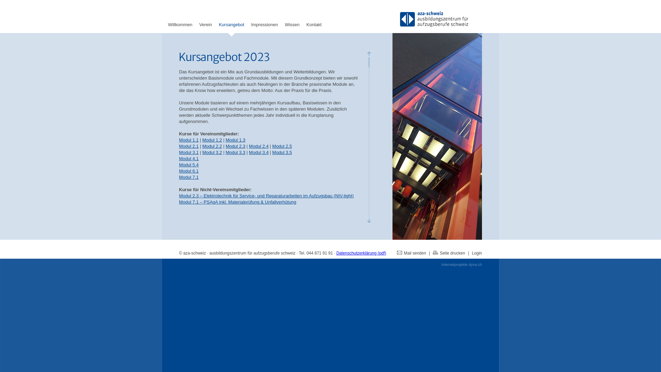 The height and width of the screenshot is (372, 661). What do you see at coordinates (212, 146) in the screenshot?
I see `'Modul 2.2'` at bounding box center [212, 146].